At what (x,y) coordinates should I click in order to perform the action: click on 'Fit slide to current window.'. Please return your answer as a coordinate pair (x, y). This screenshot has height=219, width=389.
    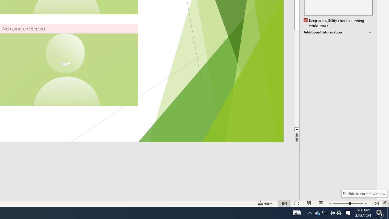
    Looking at the image, I should click on (364, 193).